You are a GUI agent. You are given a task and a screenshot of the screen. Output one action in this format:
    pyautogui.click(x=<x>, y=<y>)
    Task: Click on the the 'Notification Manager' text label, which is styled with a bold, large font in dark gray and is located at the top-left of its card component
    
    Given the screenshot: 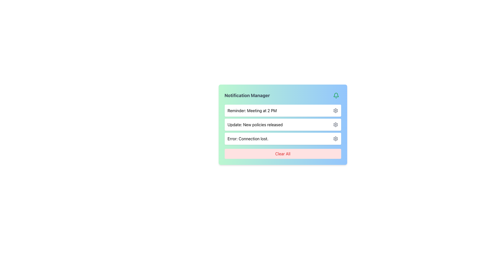 What is the action you would take?
    pyautogui.click(x=247, y=96)
    